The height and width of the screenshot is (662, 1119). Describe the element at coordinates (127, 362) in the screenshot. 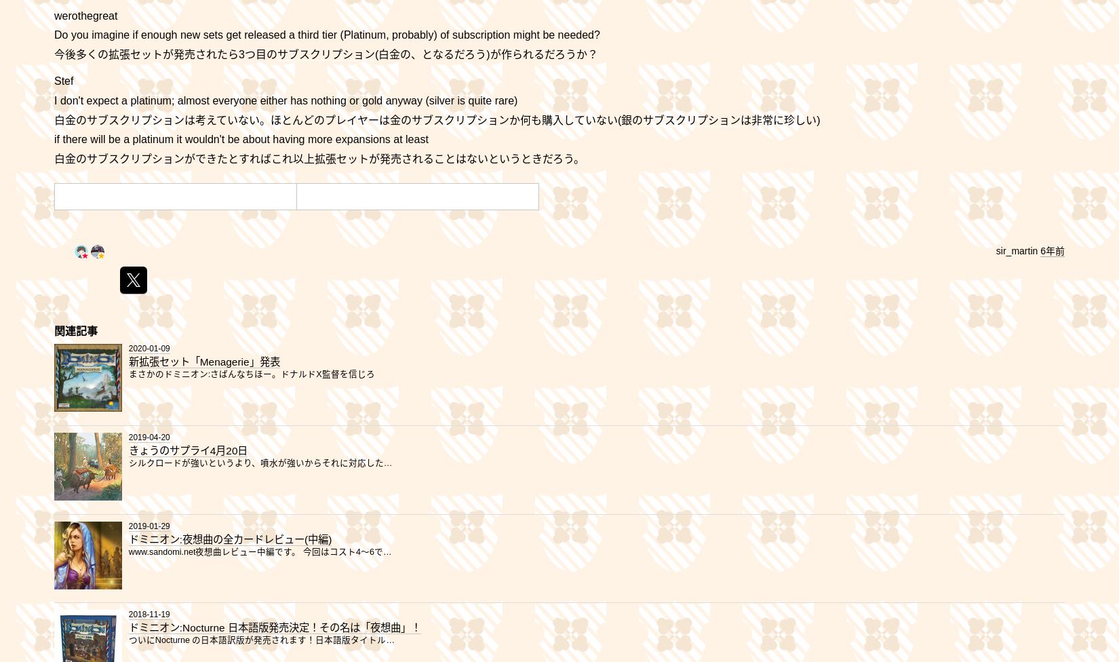

I see `'新拡張セット「Menagerie」発表'` at that location.